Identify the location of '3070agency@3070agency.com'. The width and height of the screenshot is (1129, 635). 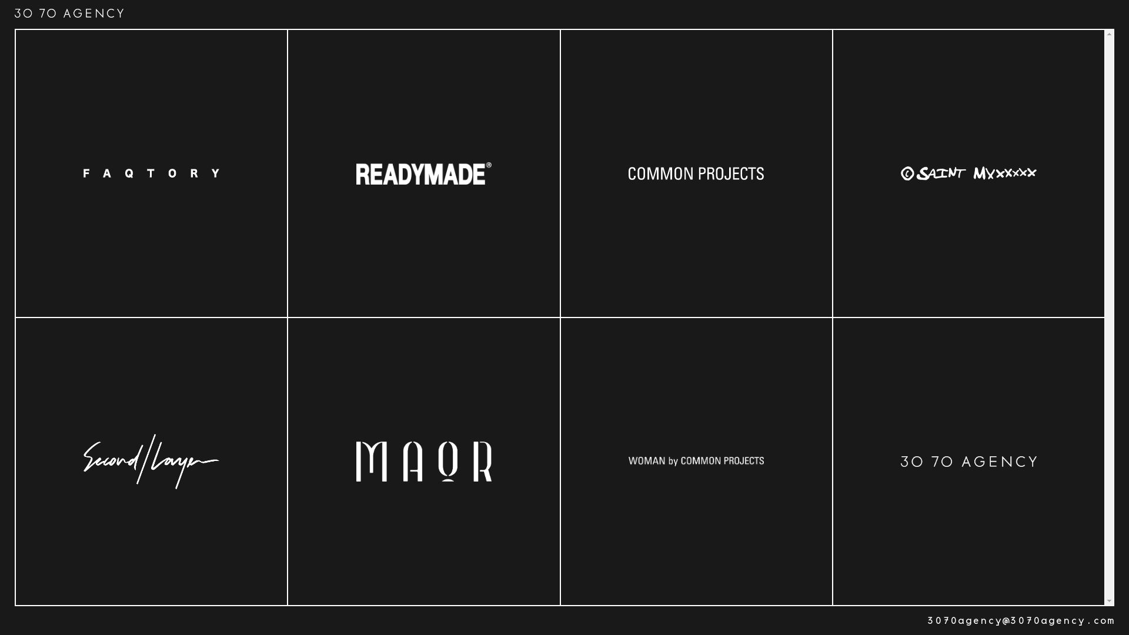
(1020, 620).